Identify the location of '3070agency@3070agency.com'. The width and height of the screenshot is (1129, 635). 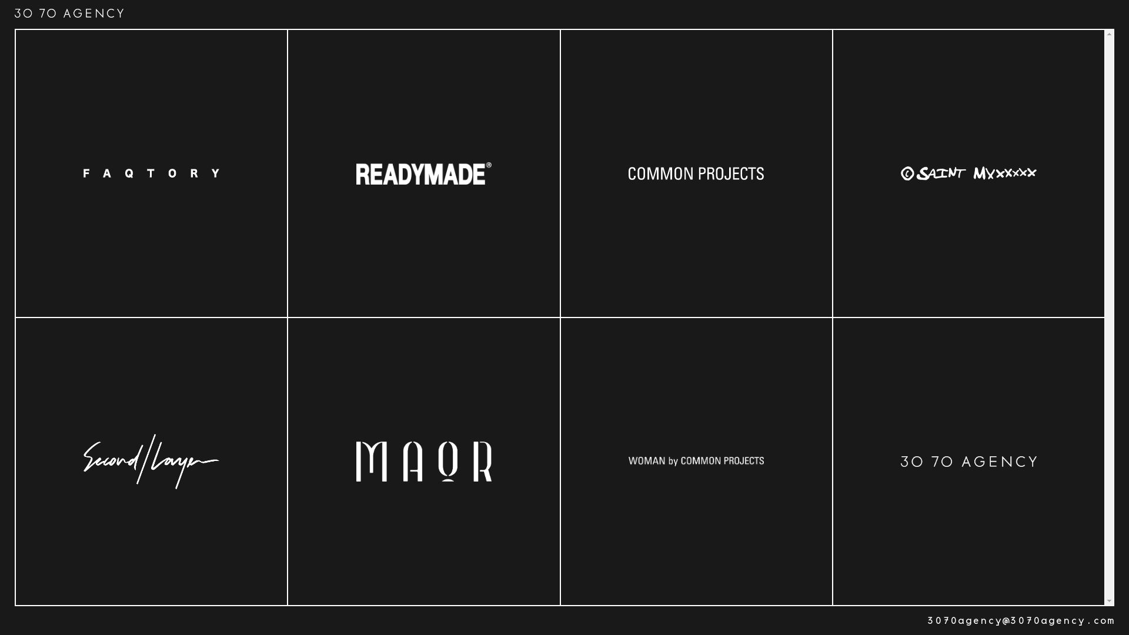
(1020, 620).